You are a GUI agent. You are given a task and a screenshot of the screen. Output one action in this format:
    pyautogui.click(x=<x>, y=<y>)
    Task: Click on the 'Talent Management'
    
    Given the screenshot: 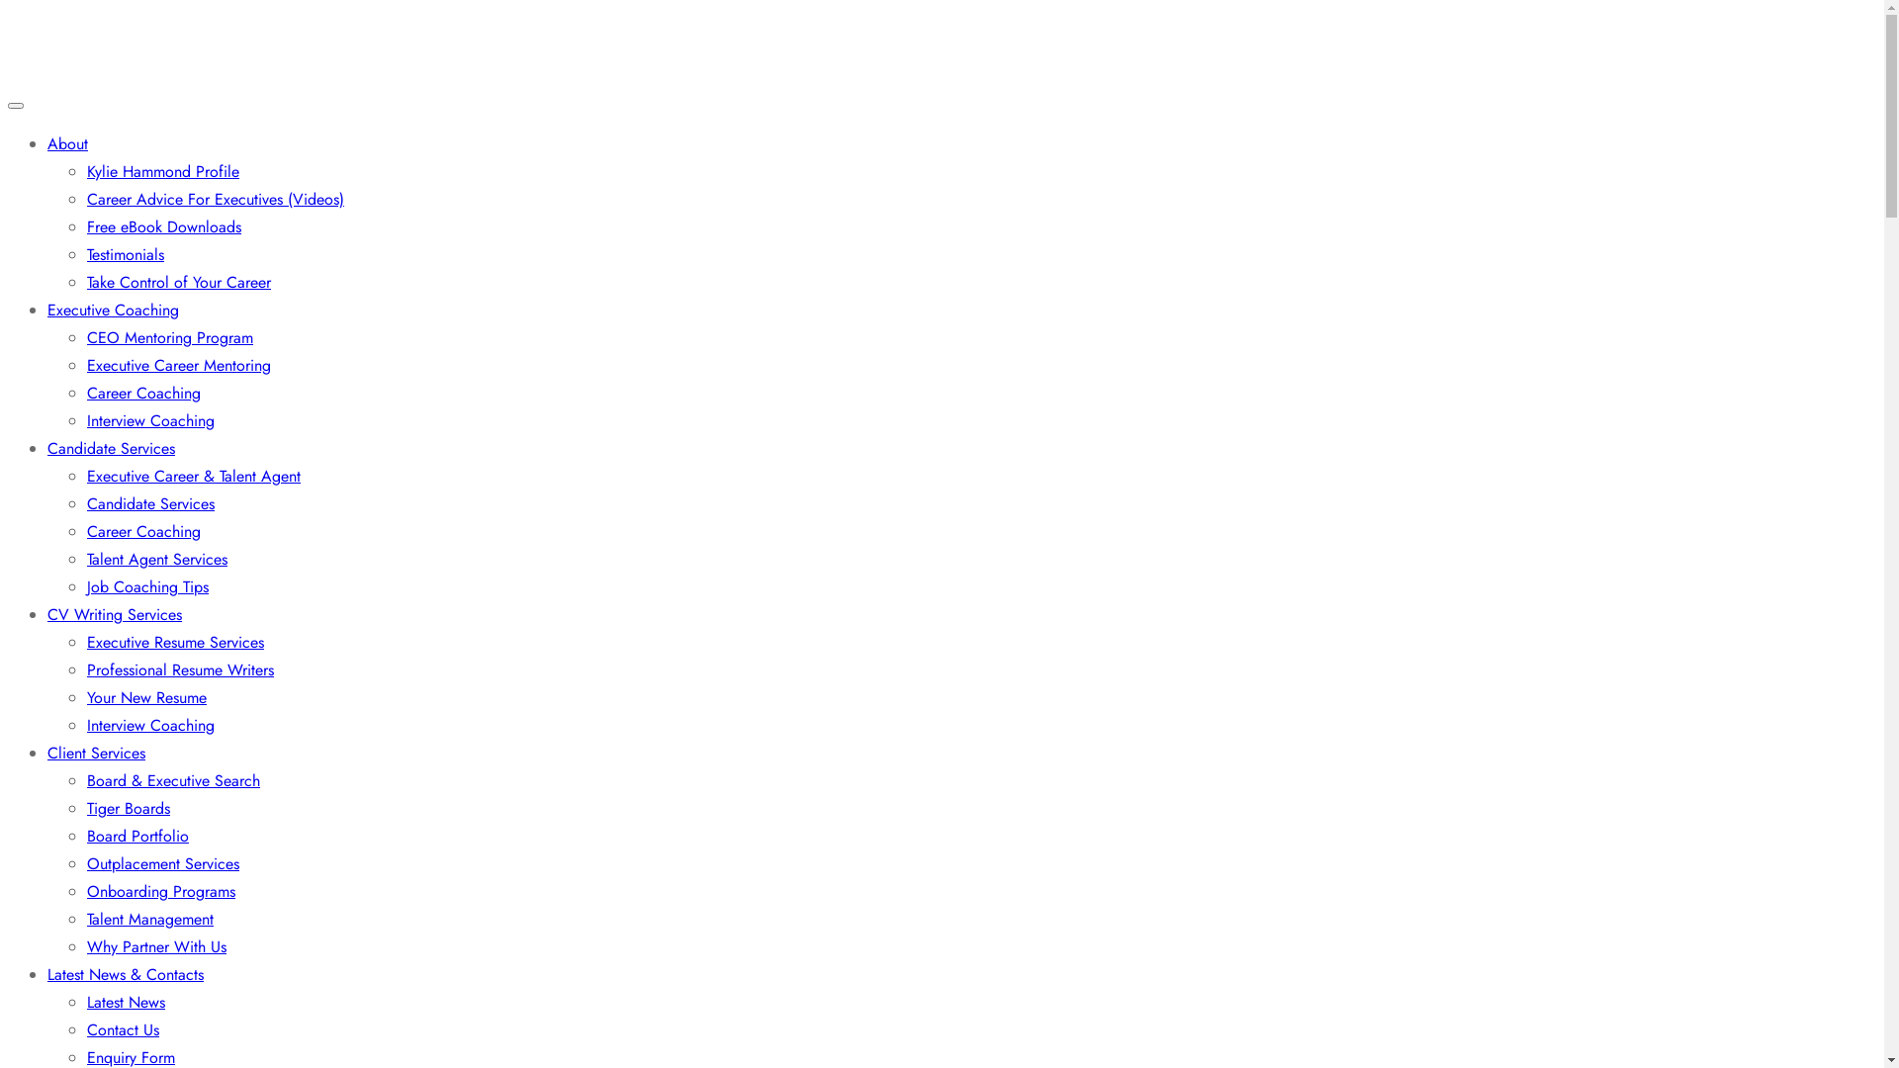 What is the action you would take?
    pyautogui.click(x=149, y=919)
    